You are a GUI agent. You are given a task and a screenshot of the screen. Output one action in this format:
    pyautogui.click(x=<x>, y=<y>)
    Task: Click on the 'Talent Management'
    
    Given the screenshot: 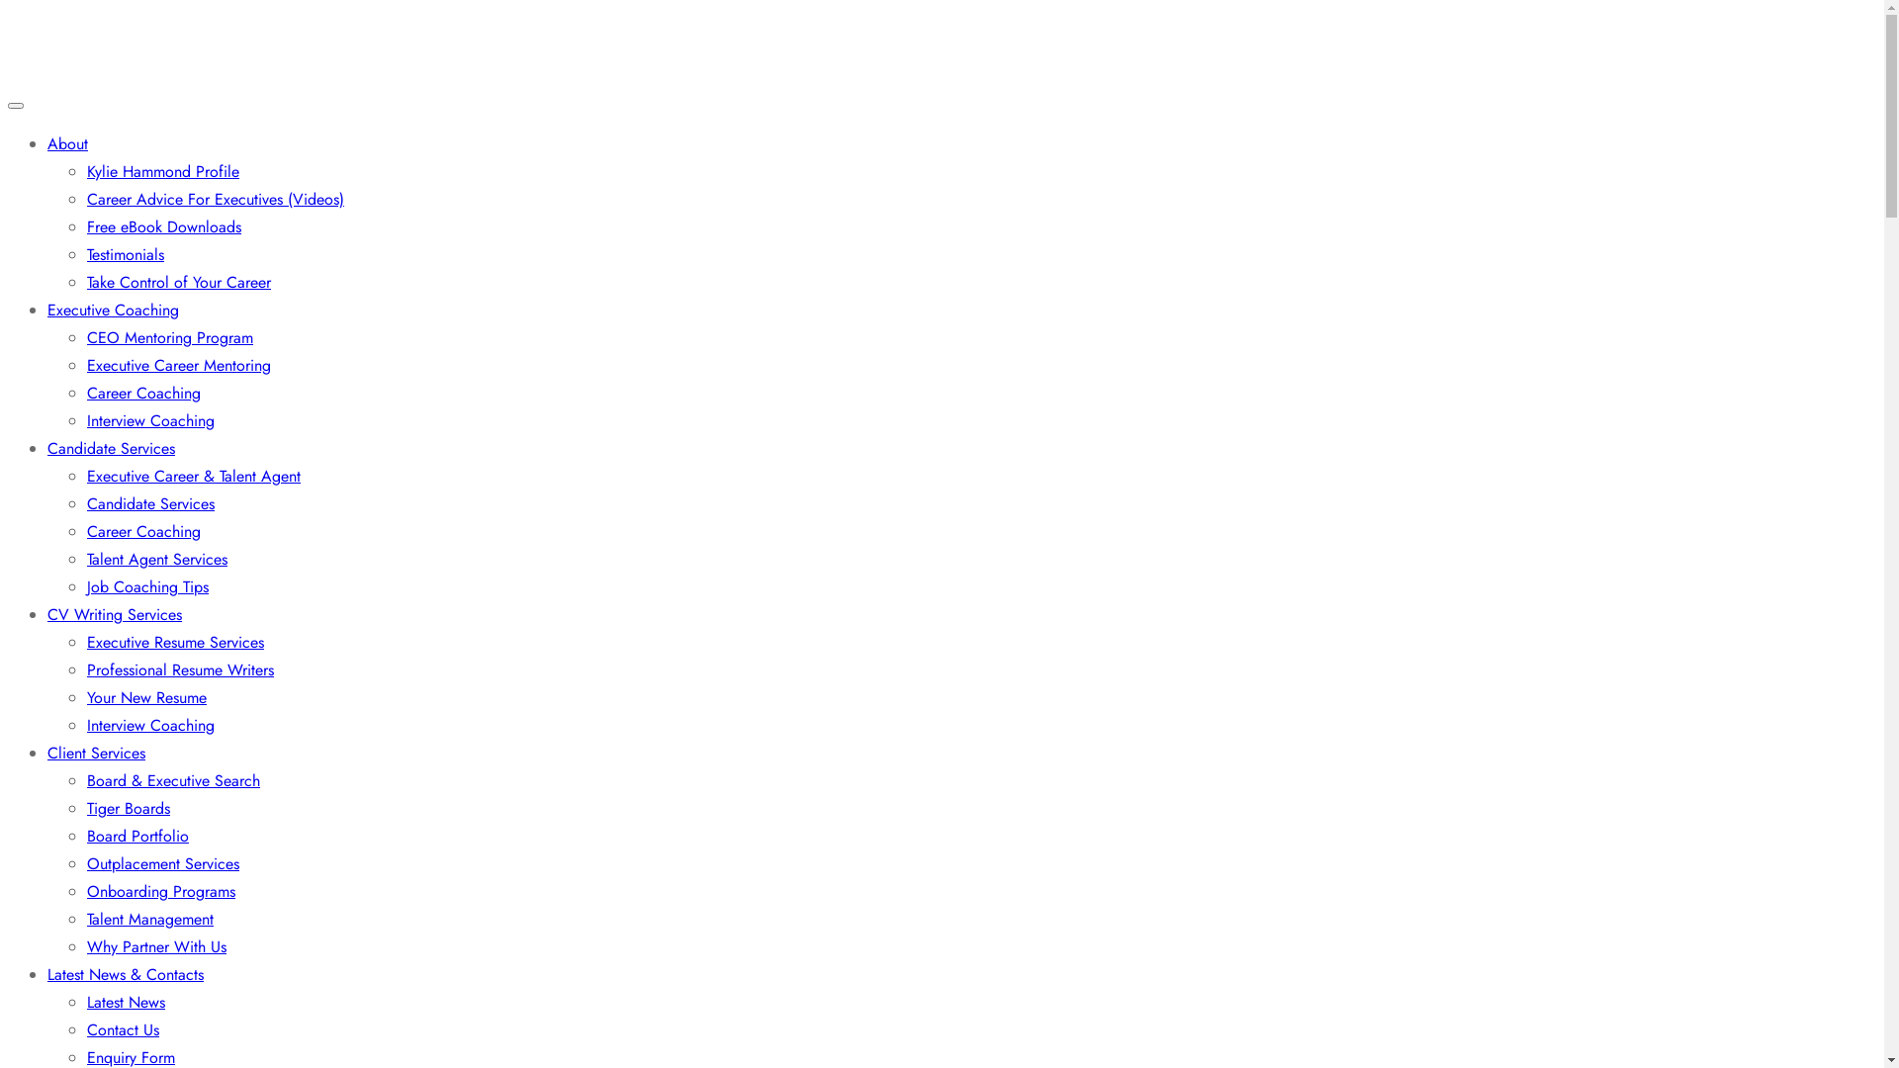 What is the action you would take?
    pyautogui.click(x=149, y=919)
    